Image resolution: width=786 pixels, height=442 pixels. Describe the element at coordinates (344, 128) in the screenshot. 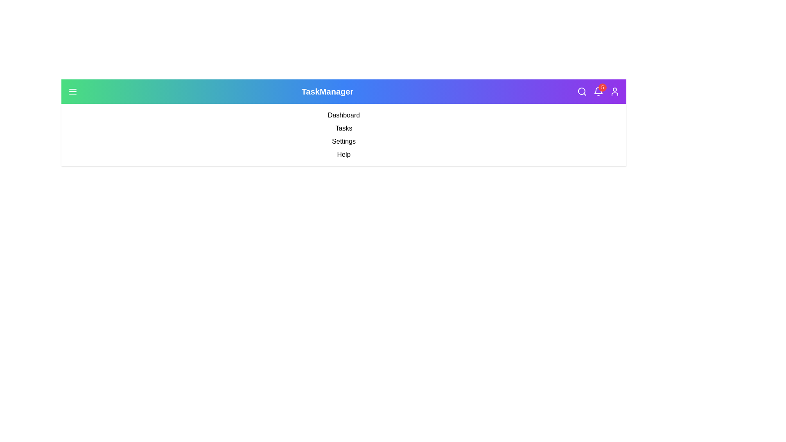

I see `the second item in the vertical menu list, which is located directly below the 'Dashboard' option and above the 'Settings' option` at that location.